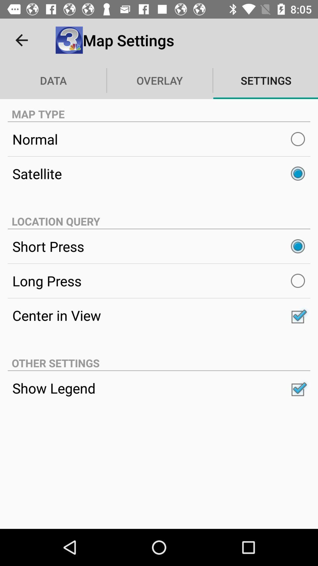 The height and width of the screenshot is (566, 318). I want to click on icon below normal, so click(159, 173).